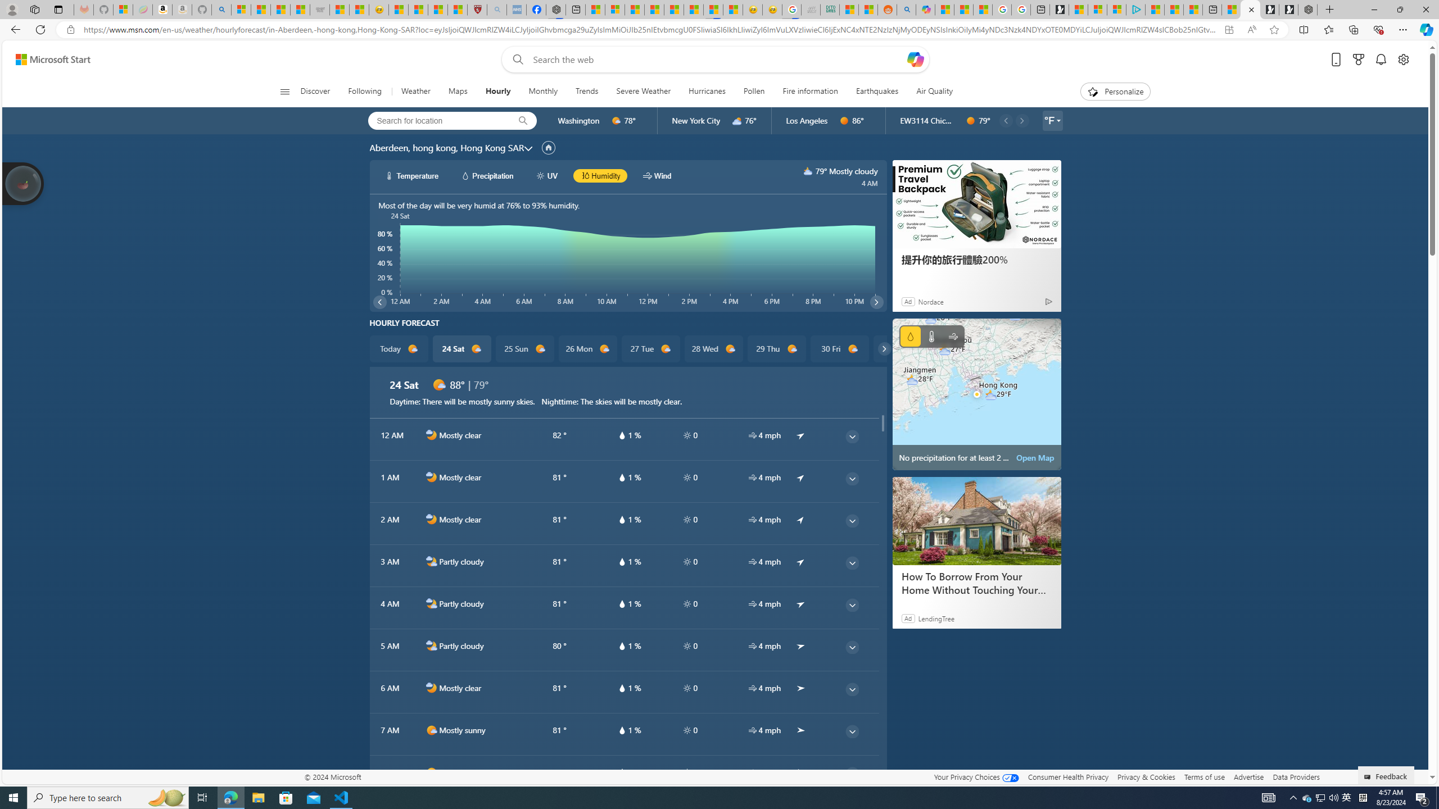  What do you see at coordinates (687, 772) in the screenshot?
I see `'hourlyTable/uv'` at bounding box center [687, 772].